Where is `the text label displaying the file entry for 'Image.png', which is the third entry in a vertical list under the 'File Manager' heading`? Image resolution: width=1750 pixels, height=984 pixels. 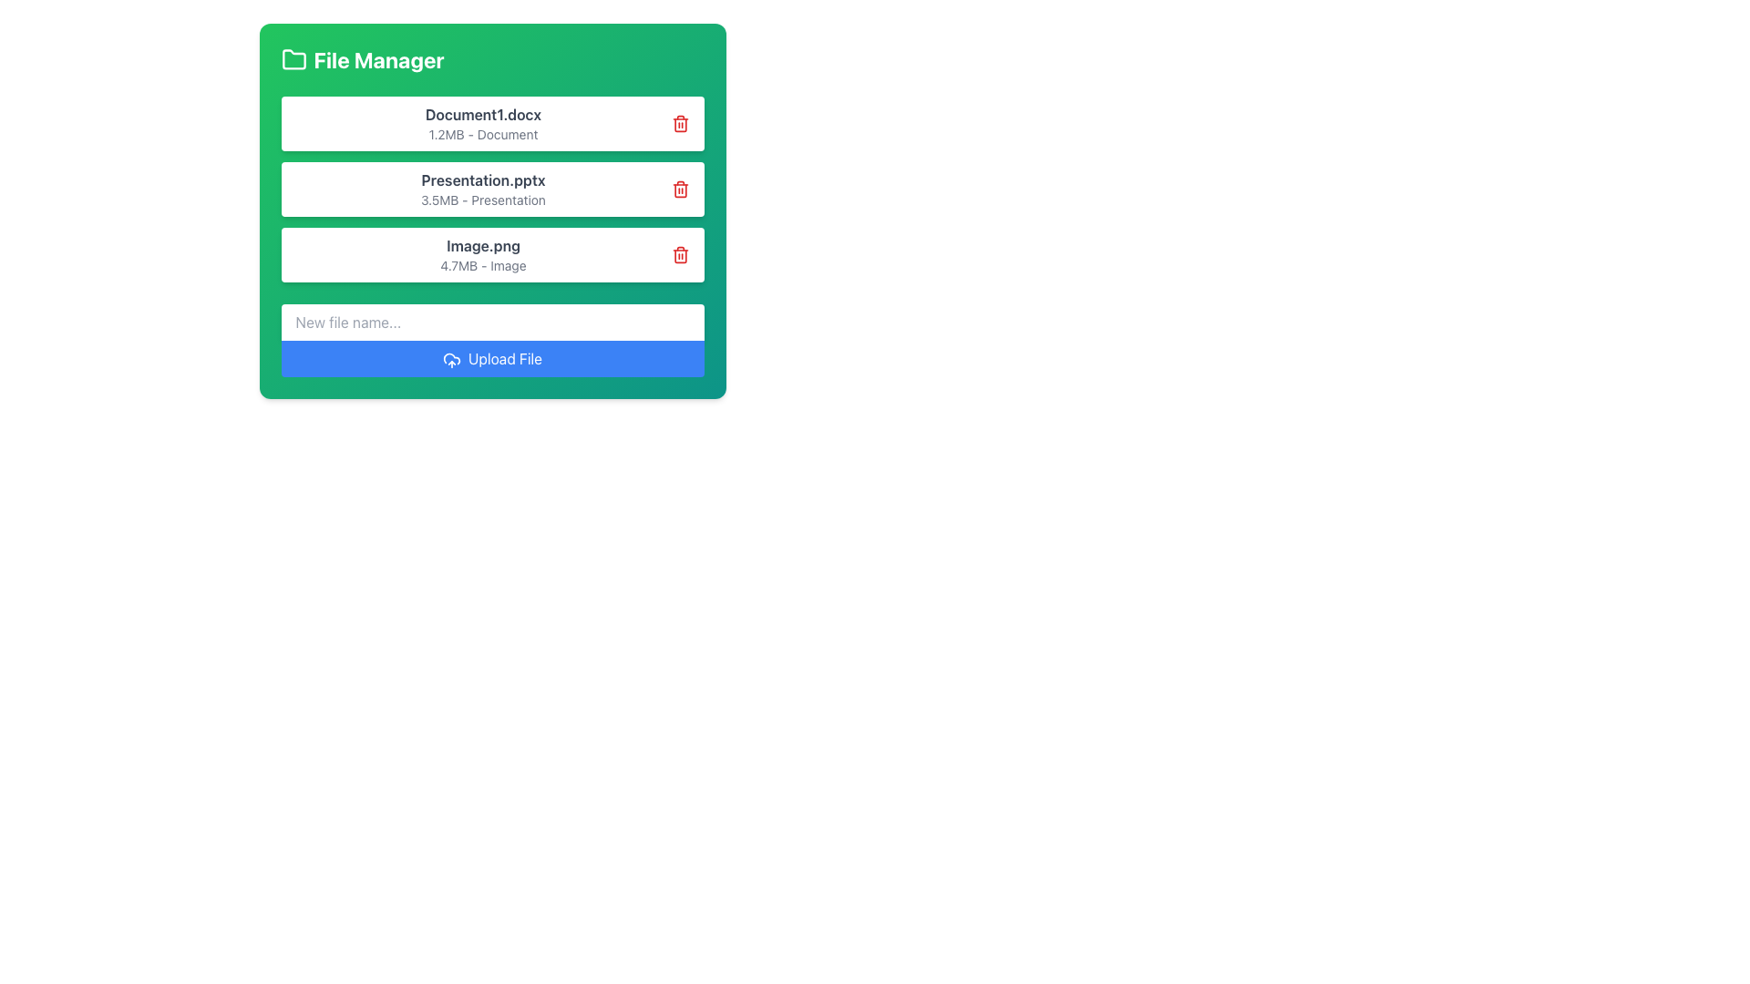
the text label displaying the file entry for 'Image.png', which is the third entry in a vertical list under the 'File Manager' heading is located at coordinates (483, 255).